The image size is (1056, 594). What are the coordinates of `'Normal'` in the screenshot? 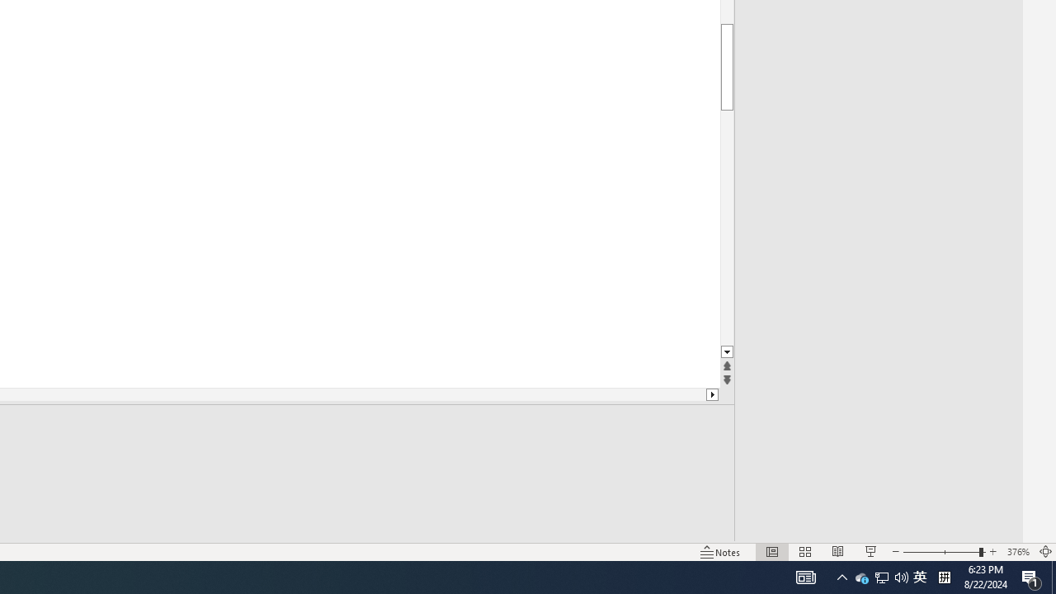 It's located at (771, 552).